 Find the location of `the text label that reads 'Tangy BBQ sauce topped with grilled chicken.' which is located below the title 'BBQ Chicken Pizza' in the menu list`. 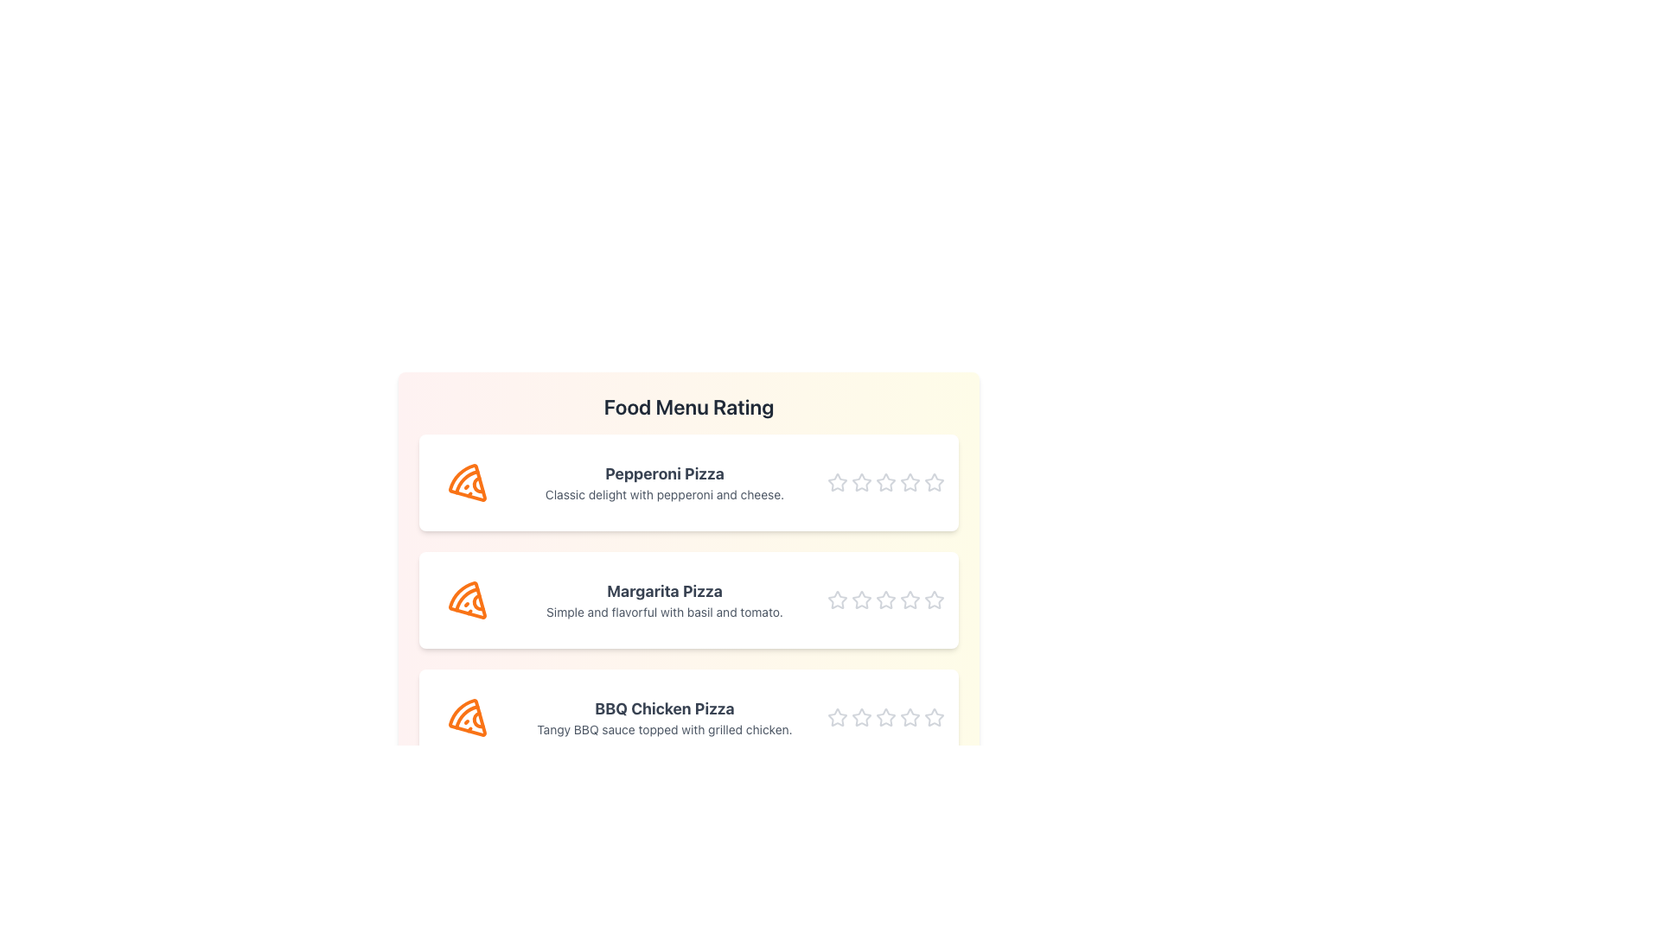

the text label that reads 'Tangy BBQ sauce topped with grilled chicken.' which is located below the title 'BBQ Chicken Pizza' in the menu list is located at coordinates (663, 729).